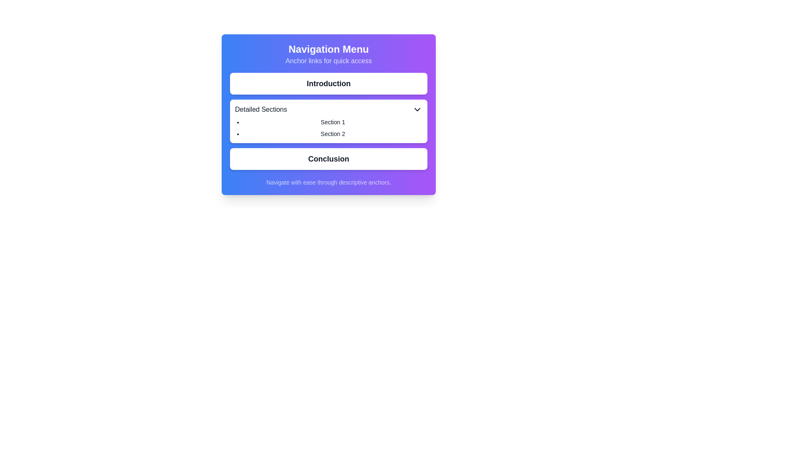 This screenshot has height=452, width=803. Describe the element at coordinates (332, 122) in the screenshot. I see `the 'Section 1' list item with a hyperlink in the 'Detailed Sections' navigation menu` at that location.